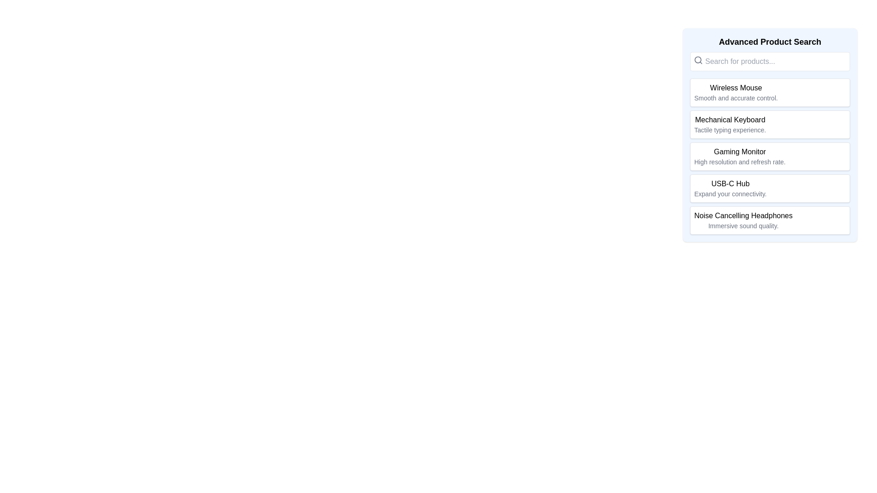  What do you see at coordinates (769, 125) in the screenshot?
I see `the 'Mechanical Keyboard' selection card, which is the second item in the list` at bounding box center [769, 125].